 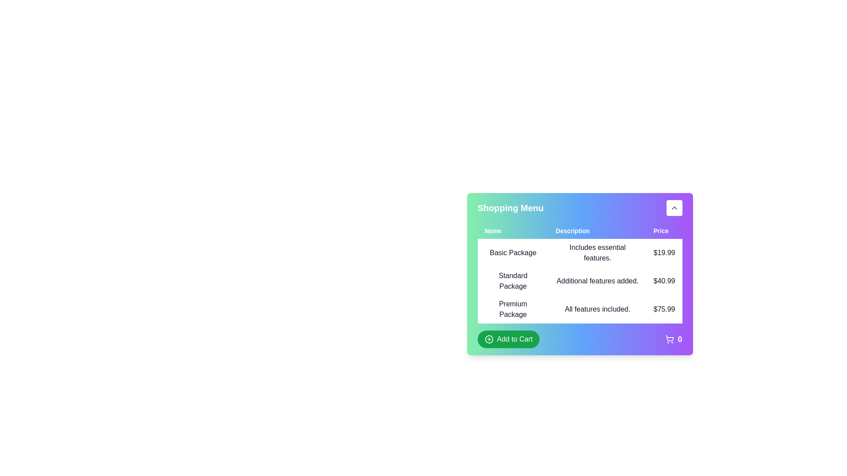 I want to click on a package from the table displayed in the 'Shopping Menu' by clicking on it, which is located under the header row and above the 'Add to Cart' button, so click(x=580, y=282).